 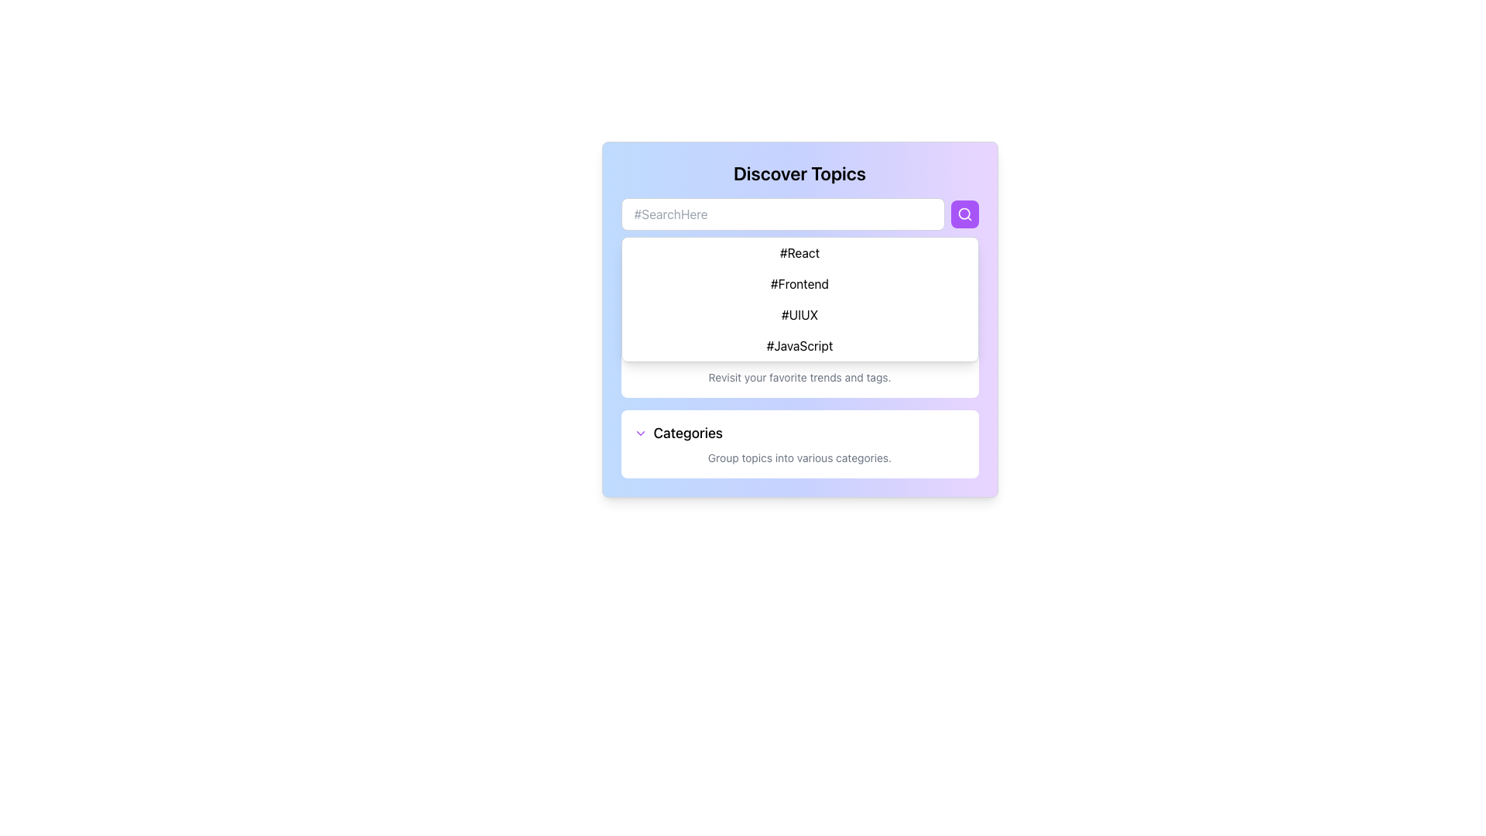 I want to click on the small magnifying glass icon on the top-right corner of the search bar, so click(x=964, y=214).